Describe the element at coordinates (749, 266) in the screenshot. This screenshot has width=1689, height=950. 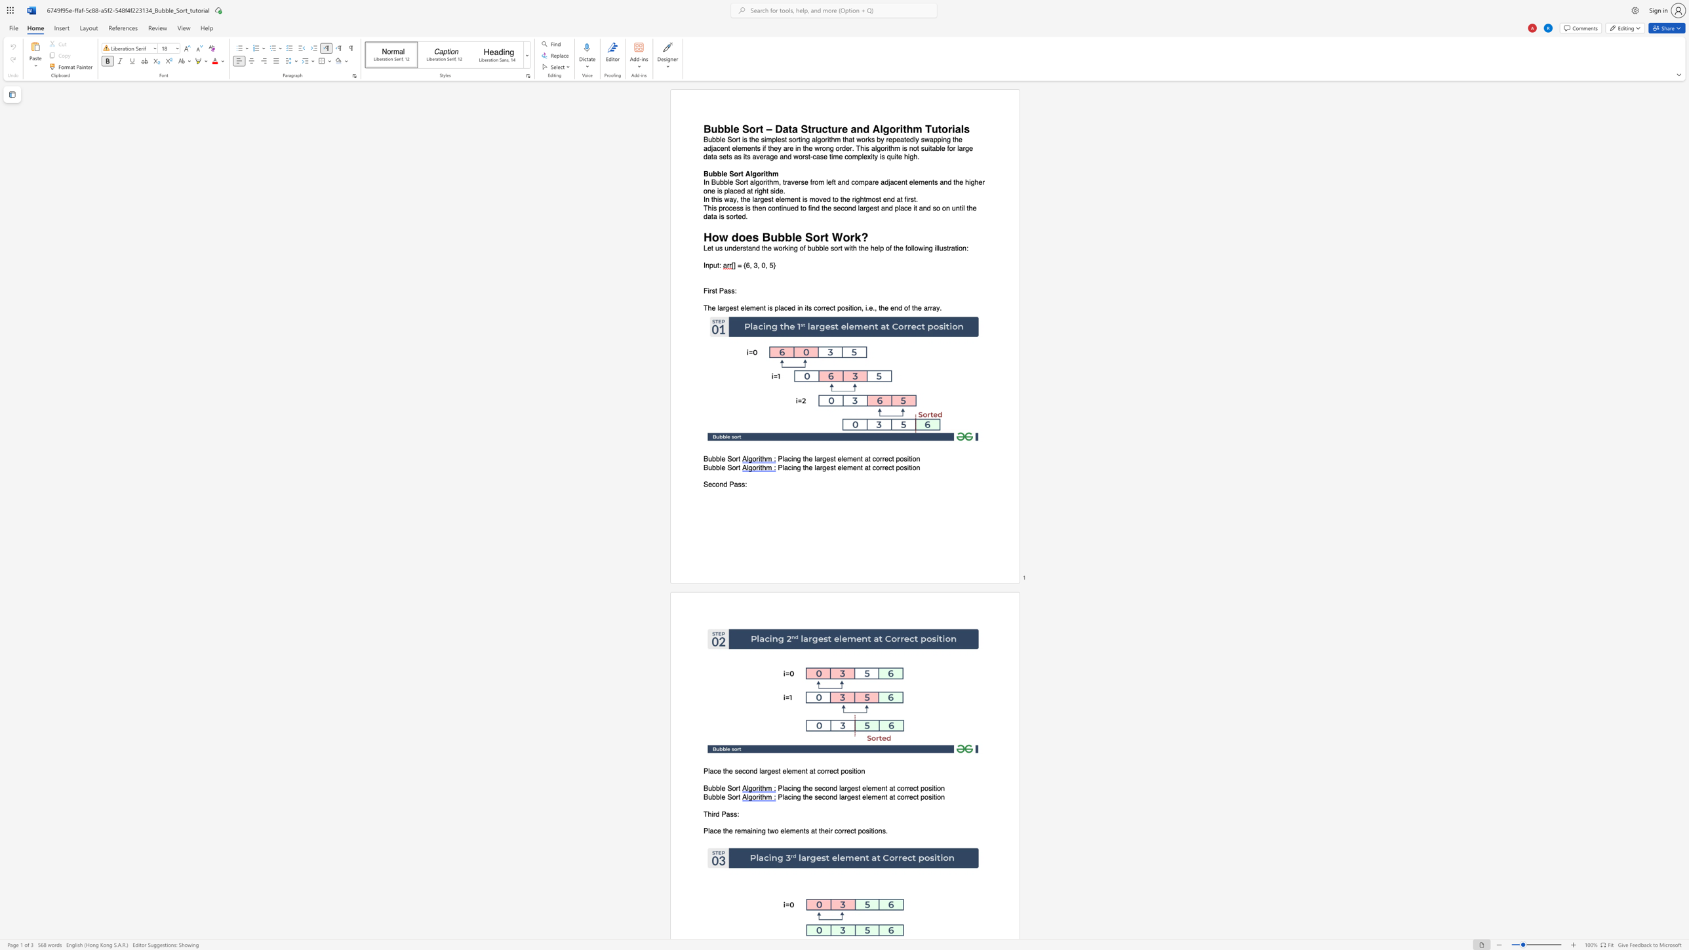
I see `the subset text ", 3, 0, 5" within the text "[] = {6, 3, 0, 5}"` at that location.